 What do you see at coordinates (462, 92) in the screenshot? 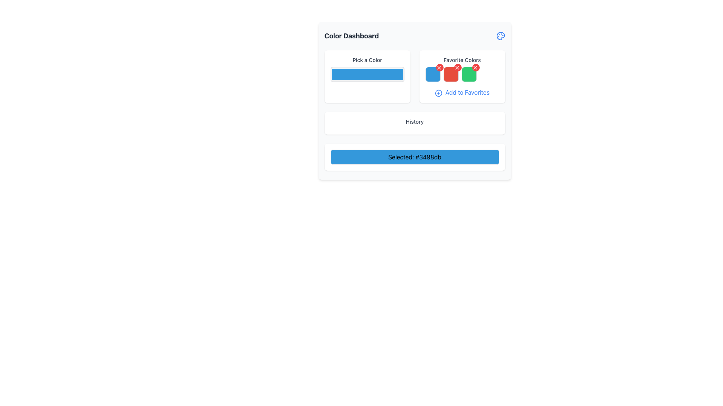
I see `the blue-colored interactive label with the text 'Add to Favorites' and a circular plus icon` at bounding box center [462, 92].